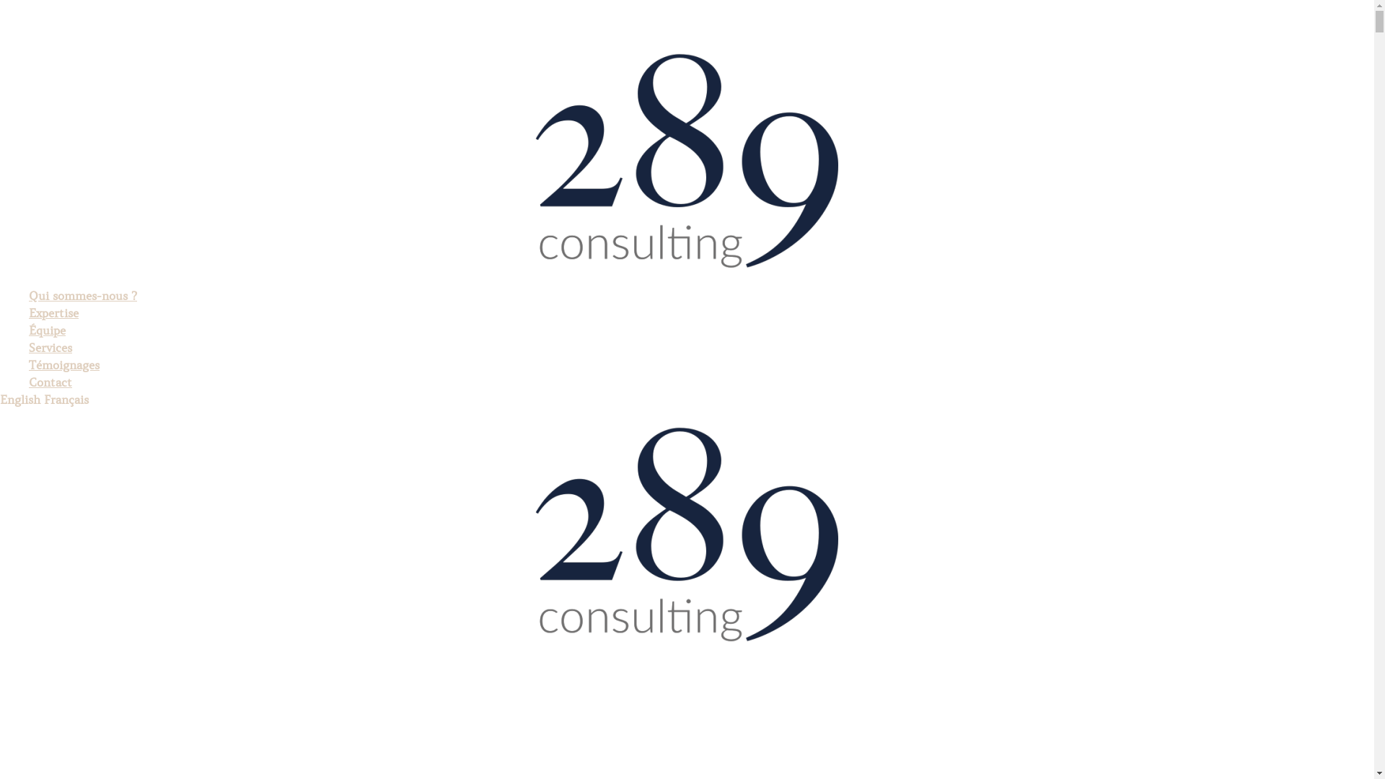 This screenshot has width=1385, height=779. What do you see at coordinates (20, 400) in the screenshot?
I see `'English'` at bounding box center [20, 400].